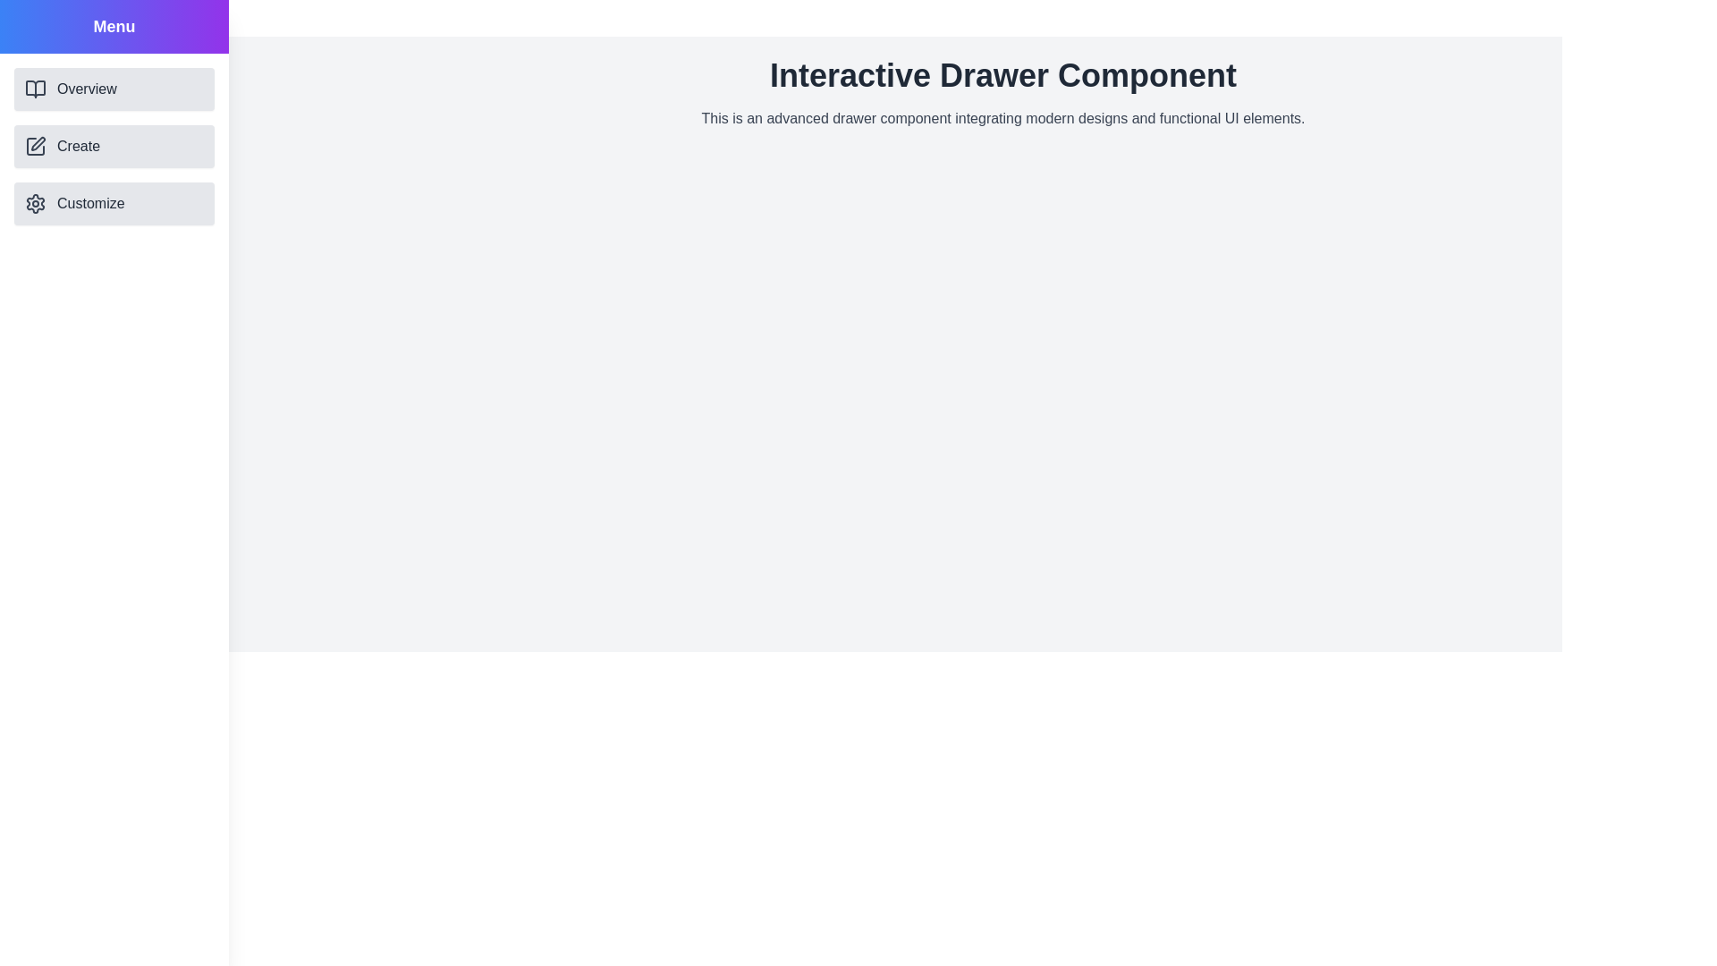 Image resolution: width=1717 pixels, height=966 pixels. Describe the element at coordinates (31, 31) in the screenshot. I see `the toggle button to change the drawer's state` at that location.